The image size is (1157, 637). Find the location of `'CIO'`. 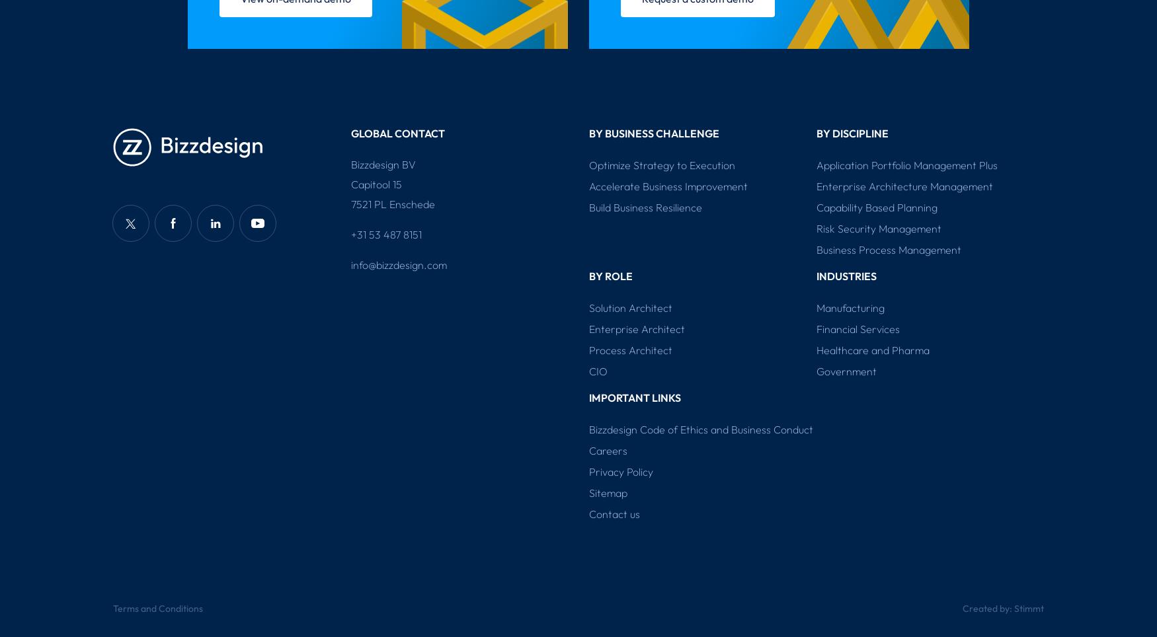

'CIO' is located at coordinates (588, 371).